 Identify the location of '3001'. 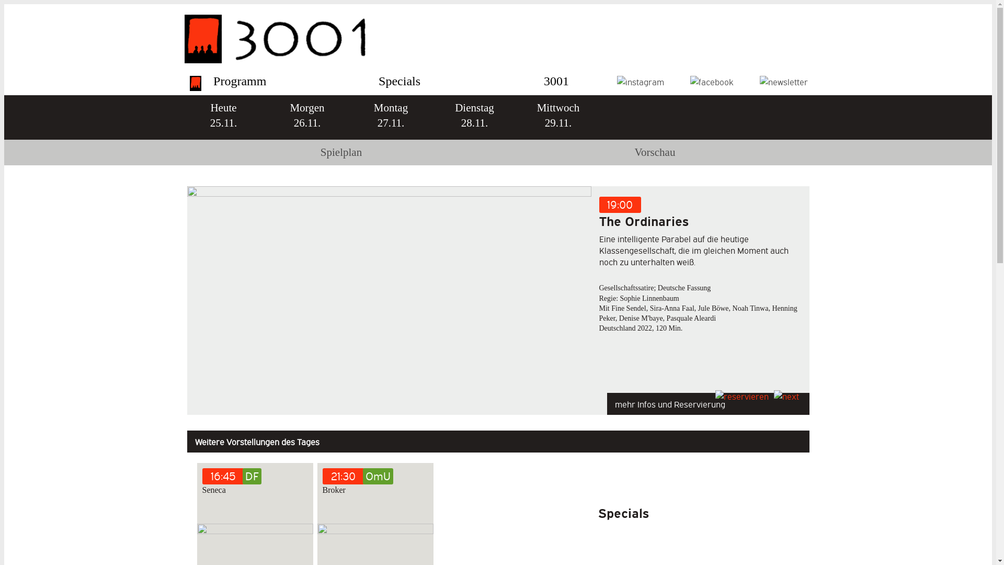
(556, 80).